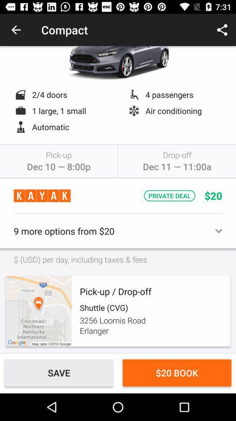  What do you see at coordinates (16, 30) in the screenshot?
I see `the item to the left of the compact` at bounding box center [16, 30].